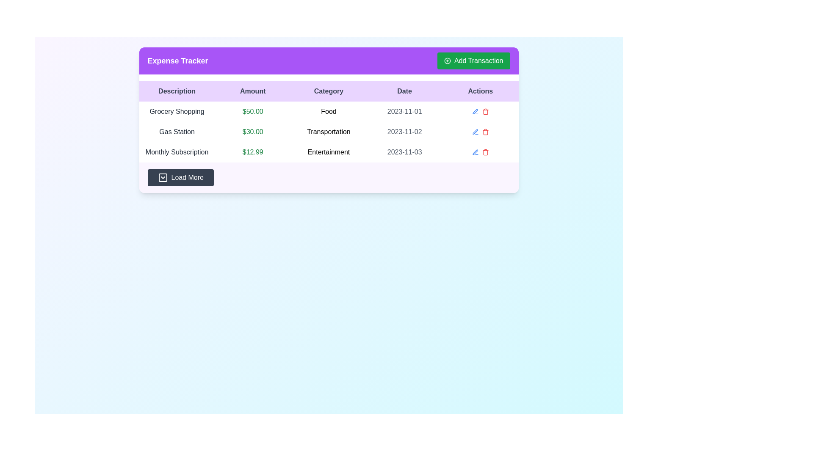 This screenshot has width=813, height=457. Describe the element at coordinates (447, 60) in the screenshot. I see `the small circular icon with a plus sign, which is located within the 'Add Transaction' button in the header section of the interface` at that location.